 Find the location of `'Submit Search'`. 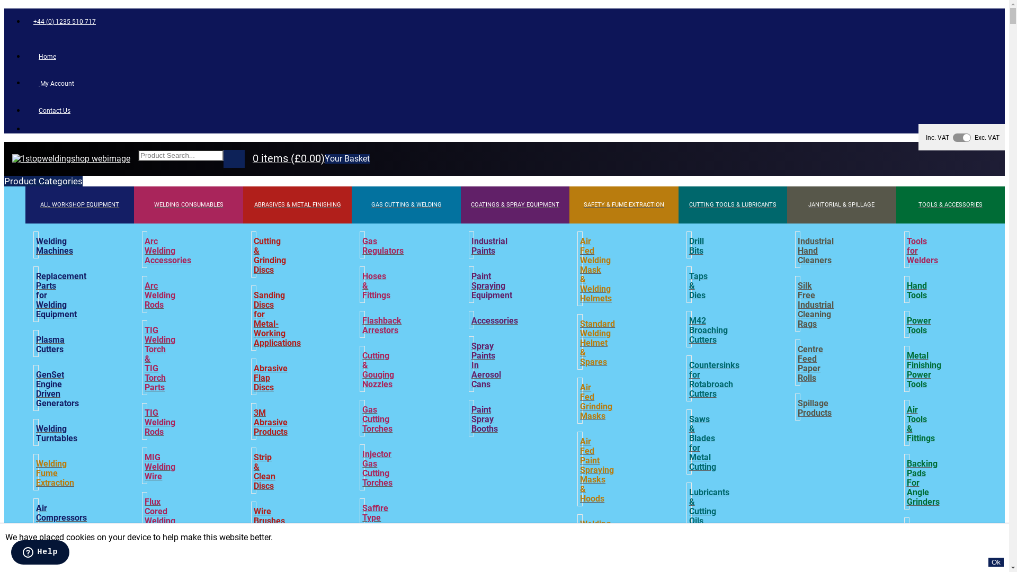

'Submit Search' is located at coordinates (233, 159).